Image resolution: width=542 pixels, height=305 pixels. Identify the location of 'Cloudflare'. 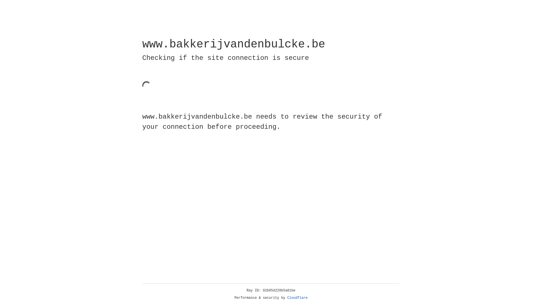
(297, 298).